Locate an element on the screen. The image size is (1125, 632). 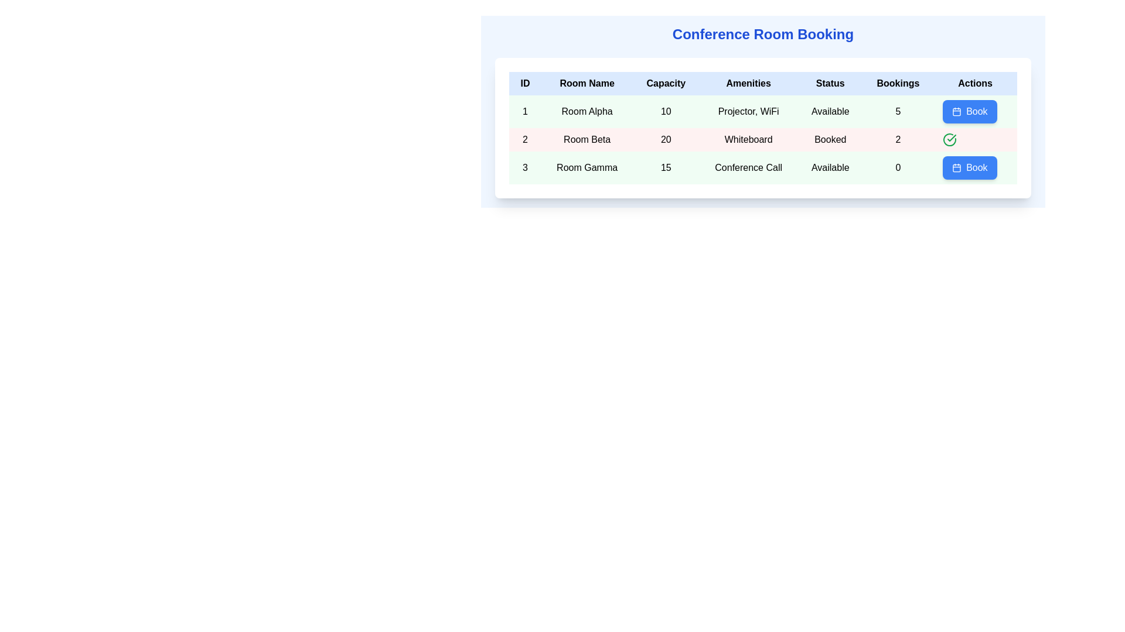
the calendar icon within the blue 'Book' button in the 'Actions' column of the third row, which represents 'Room Gamma' is located at coordinates (957, 167).